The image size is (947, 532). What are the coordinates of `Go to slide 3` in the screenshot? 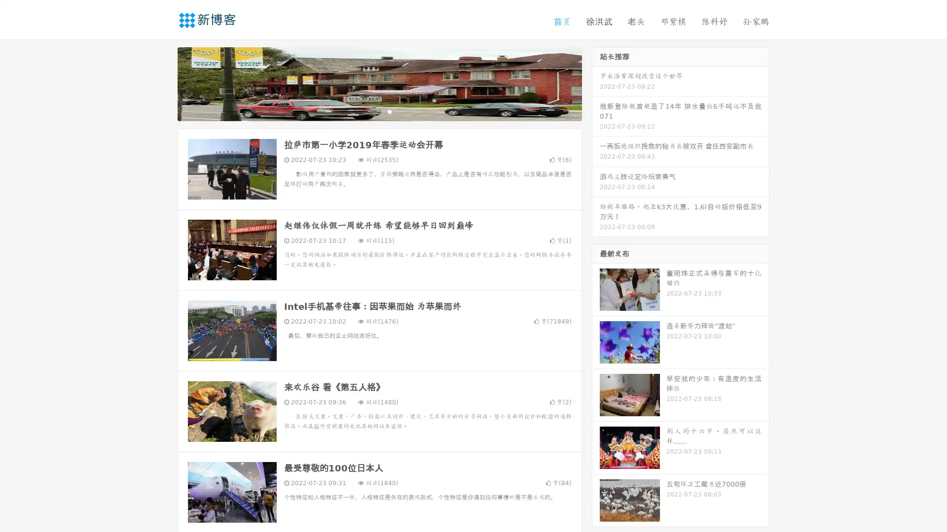 It's located at (389, 111).